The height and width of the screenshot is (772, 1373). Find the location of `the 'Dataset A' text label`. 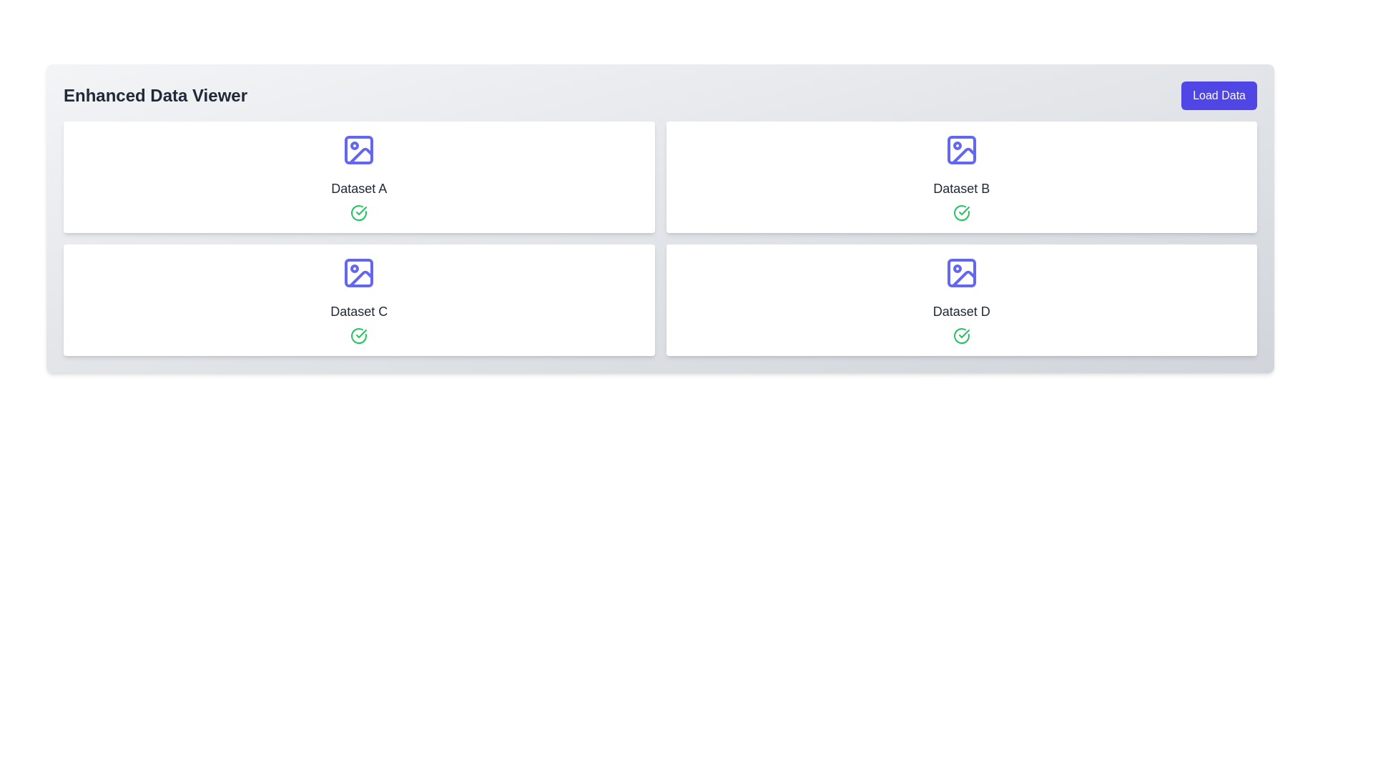

the 'Dataset A' text label is located at coordinates (359, 187).